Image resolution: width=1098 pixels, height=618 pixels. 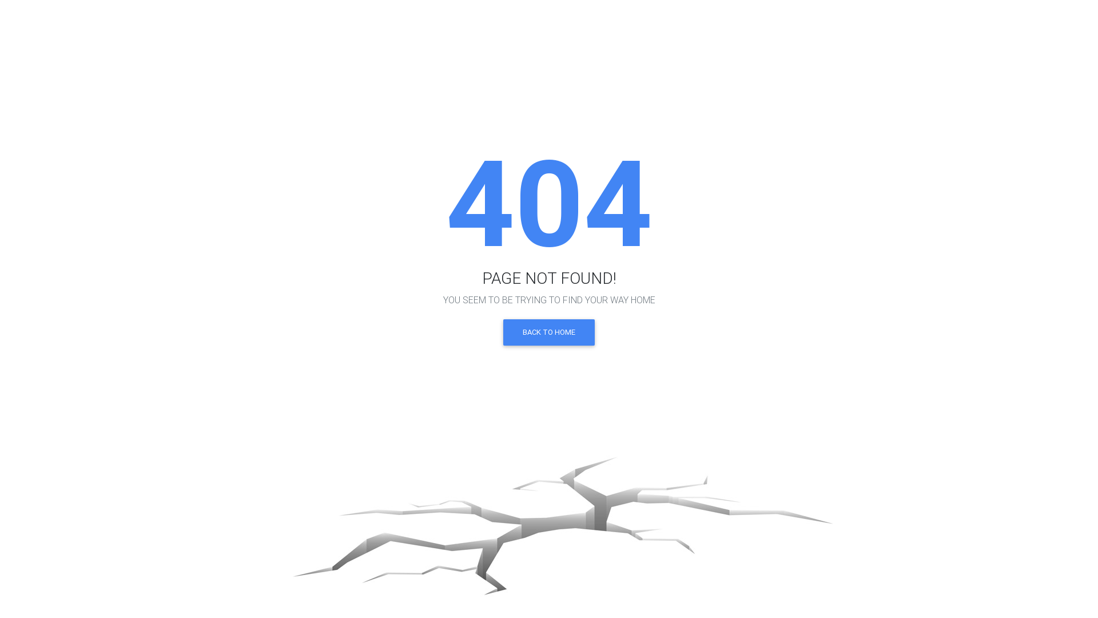 What do you see at coordinates (549, 332) in the screenshot?
I see `'BACK TO HOME'` at bounding box center [549, 332].